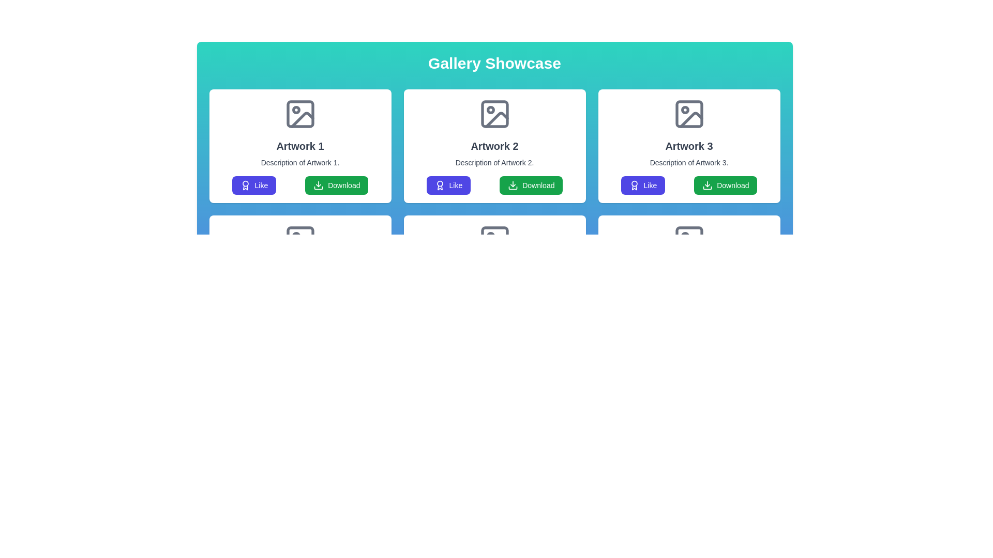  What do you see at coordinates (707, 184) in the screenshot?
I see `the small green download icon with a downward arrow located within the 'Download' button to initiate a download action` at bounding box center [707, 184].